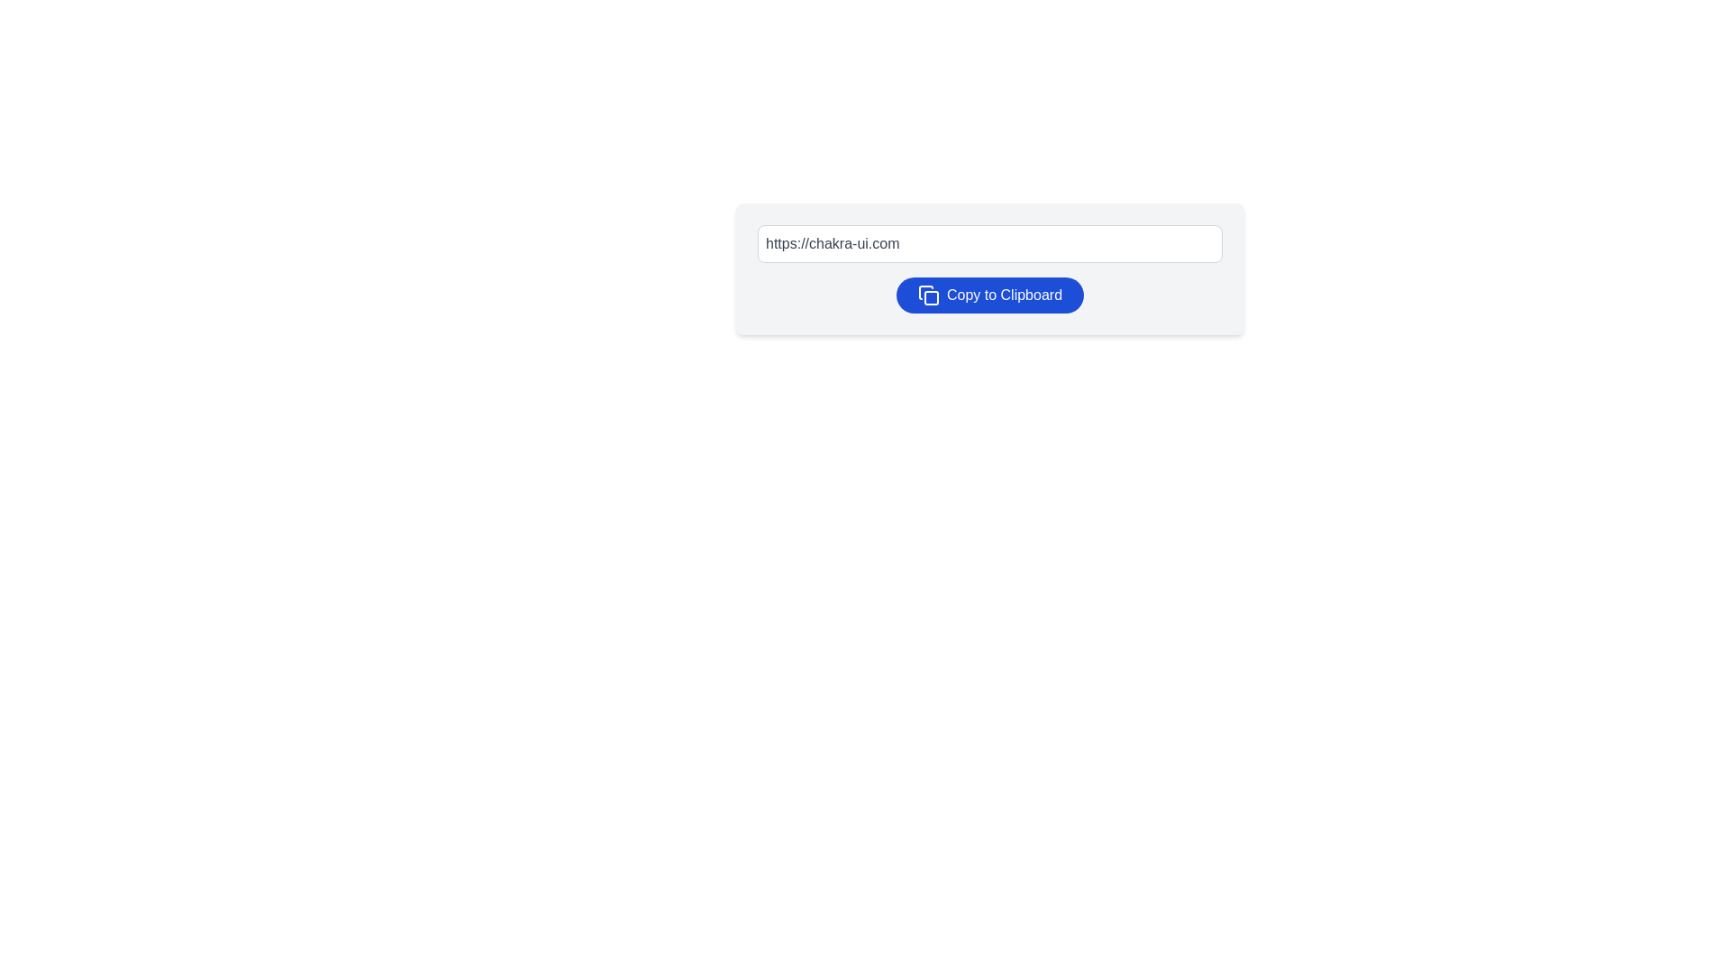  What do you see at coordinates (931, 297) in the screenshot?
I see `the clipboard icon, which represents the functionality of copying data to the clipboard, located to the left of the 'Copy to Clipboard' button in the toolbar at the bottom of the URL input field` at bounding box center [931, 297].